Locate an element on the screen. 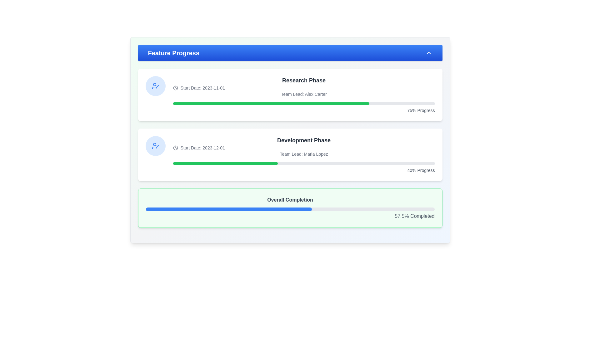 Image resolution: width=600 pixels, height=337 pixels. text indicating the team lead responsible for this phase, located under the 'Development Phase' heading, below 'Start Date: 2023-12-01' and above the progress bar is located at coordinates (304, 154).